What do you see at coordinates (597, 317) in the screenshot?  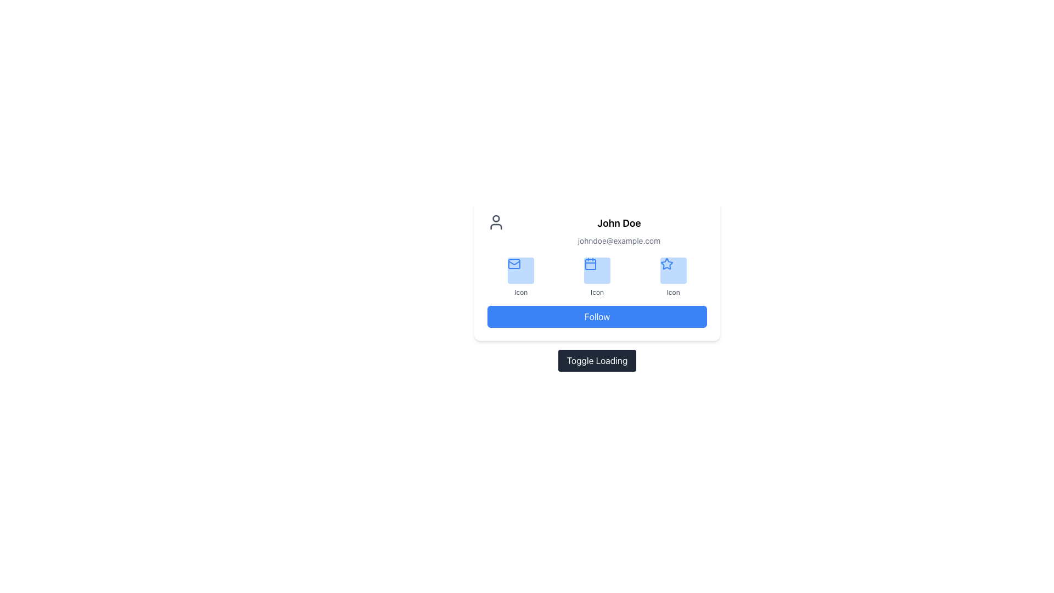 I see `the rounded rectangular button with a blue background and white text labeled 'Follow'` at bounding box center [597, 317].